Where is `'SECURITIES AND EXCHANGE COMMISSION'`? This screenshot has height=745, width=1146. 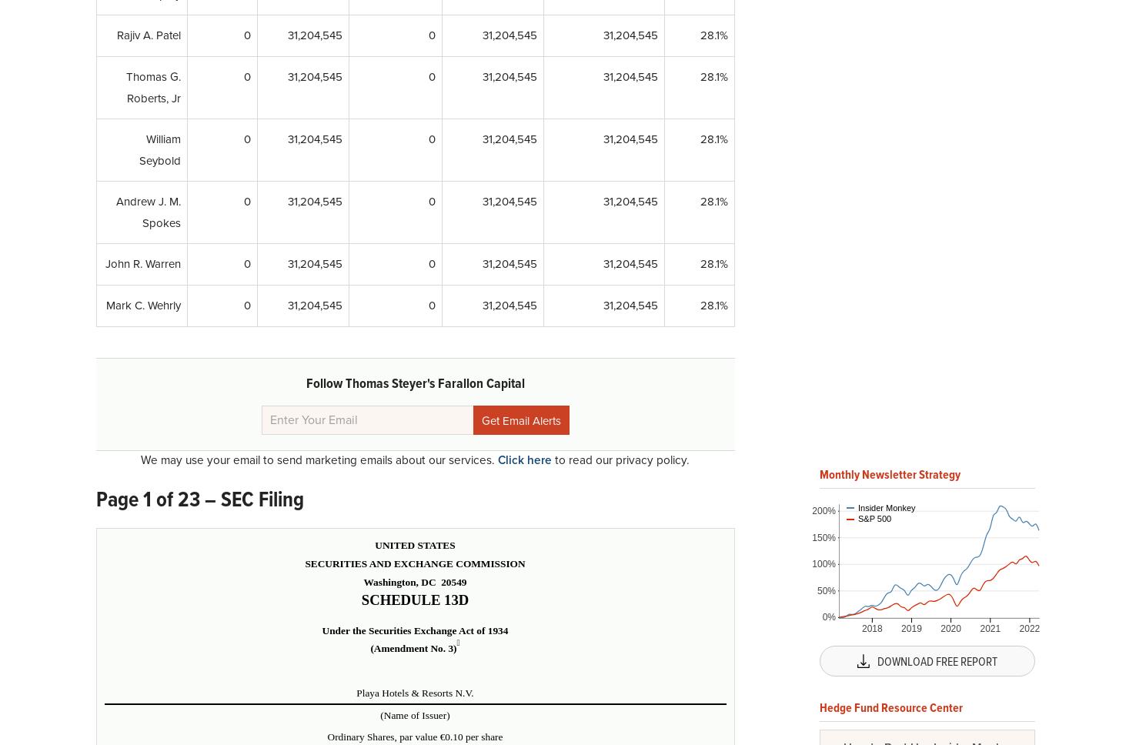 'SECURITIES AND EXCHANGE COMMISSION' is located at coordinates (415, 563).